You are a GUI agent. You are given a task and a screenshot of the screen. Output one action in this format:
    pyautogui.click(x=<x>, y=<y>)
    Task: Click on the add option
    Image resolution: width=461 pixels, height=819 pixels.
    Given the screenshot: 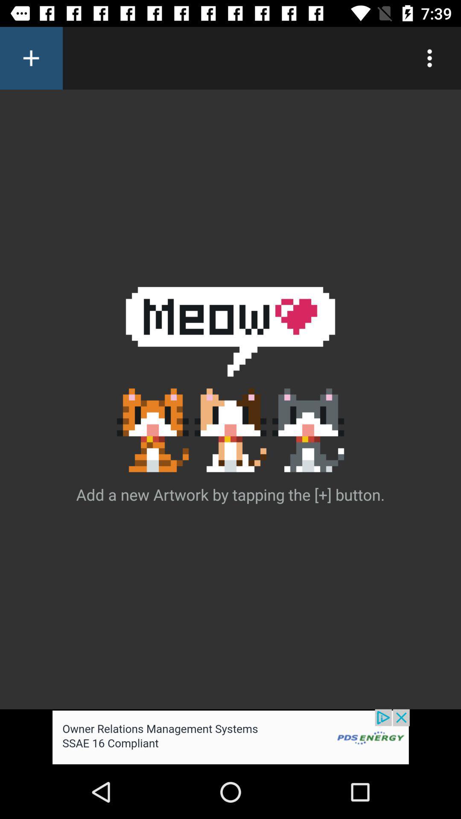 What is the action you would take?
    pyautogui.click(x=31, y=58)
    